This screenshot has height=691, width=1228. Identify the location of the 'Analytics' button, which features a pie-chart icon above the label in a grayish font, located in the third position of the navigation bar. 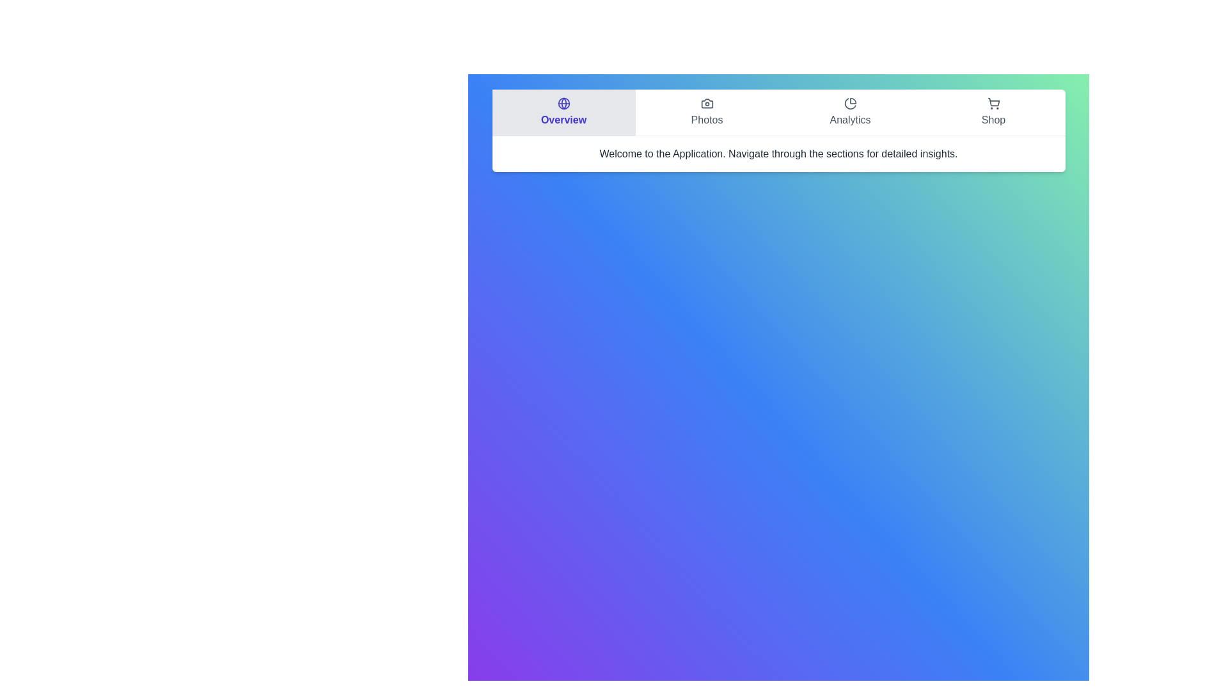
(850, 112).